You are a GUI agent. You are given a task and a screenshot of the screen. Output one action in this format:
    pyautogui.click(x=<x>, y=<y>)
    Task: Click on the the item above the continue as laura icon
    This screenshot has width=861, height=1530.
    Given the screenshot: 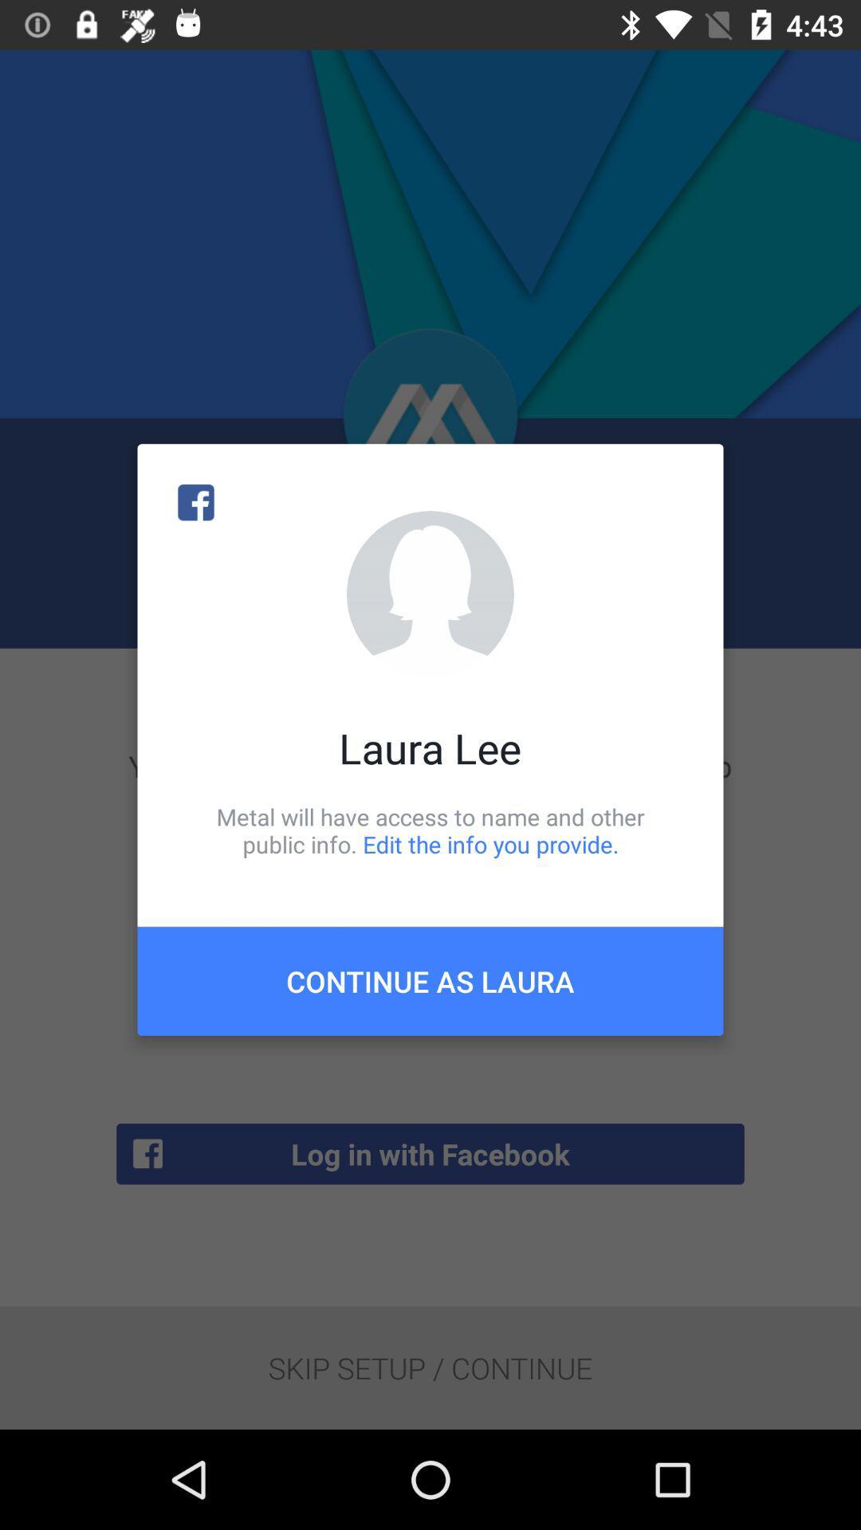 What is the action you would take?
    pyautogui.click(x=431, y=830)
    